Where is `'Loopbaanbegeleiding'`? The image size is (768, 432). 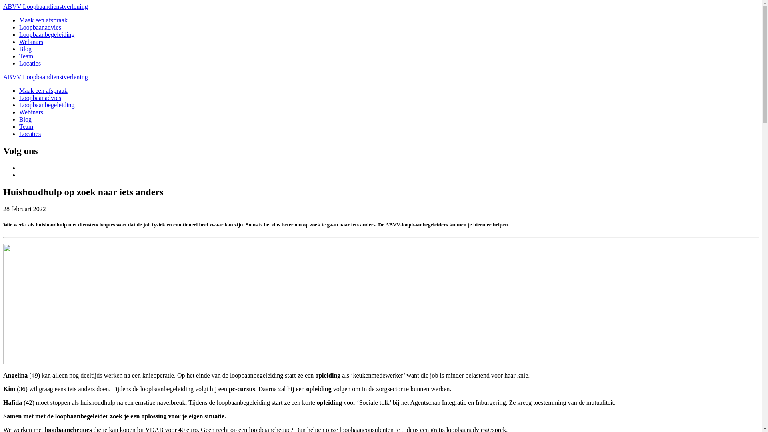 'Loopbaanbegeleiding' is located at coordinates (46, 34).